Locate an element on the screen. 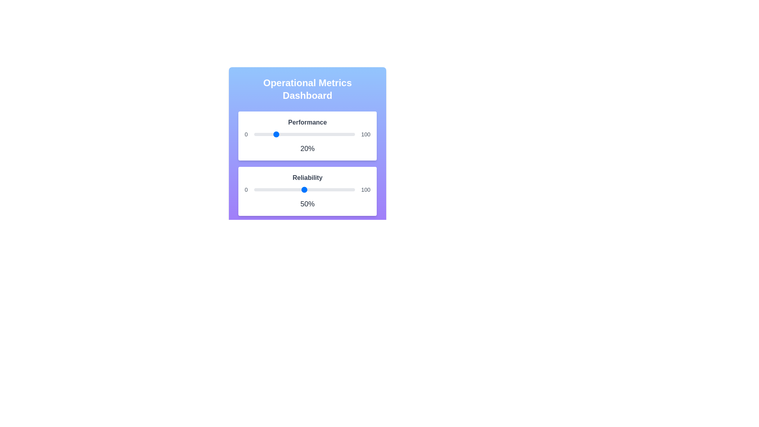 This screenshot has width=759, height=427. the slider value is located at coordinates (353, 134).